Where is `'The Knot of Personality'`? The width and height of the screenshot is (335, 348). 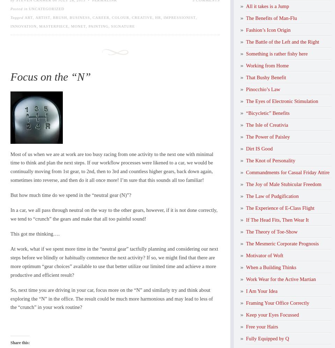
'The Knot of Personality' is located at coordinates (270, 160).